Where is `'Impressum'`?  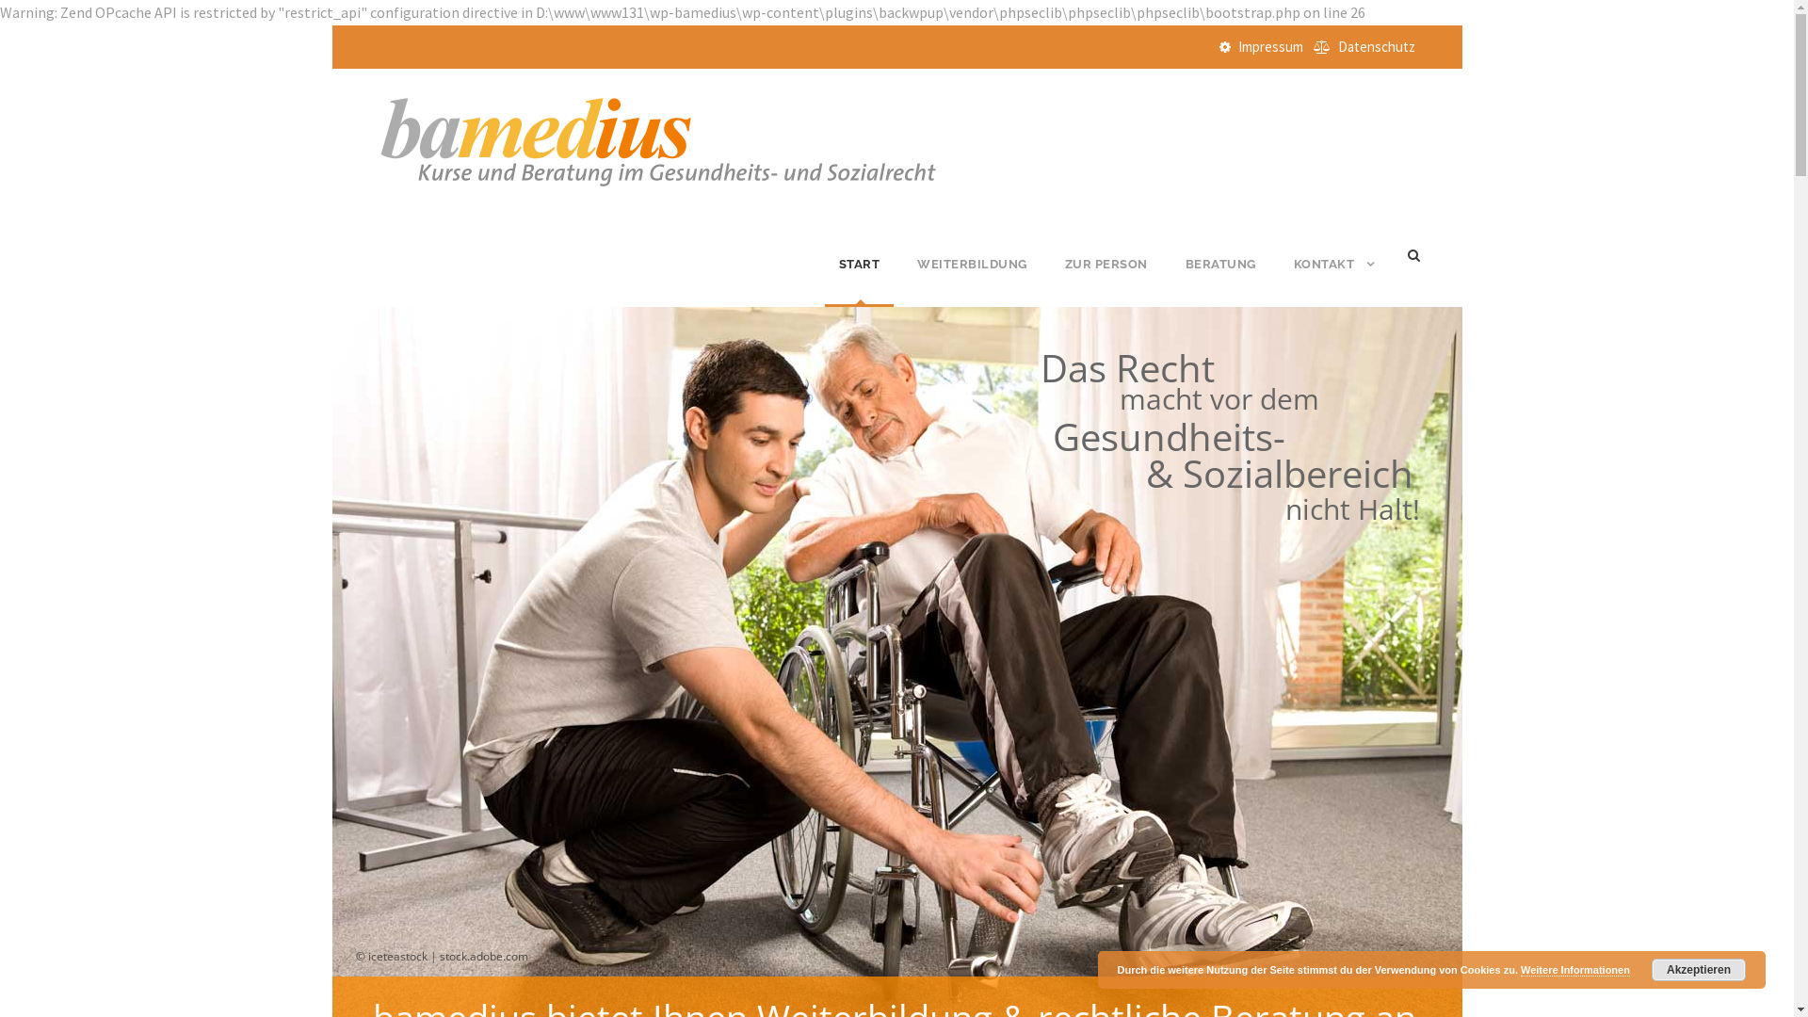
'Impressum' is located at coordinates (1269, 45).